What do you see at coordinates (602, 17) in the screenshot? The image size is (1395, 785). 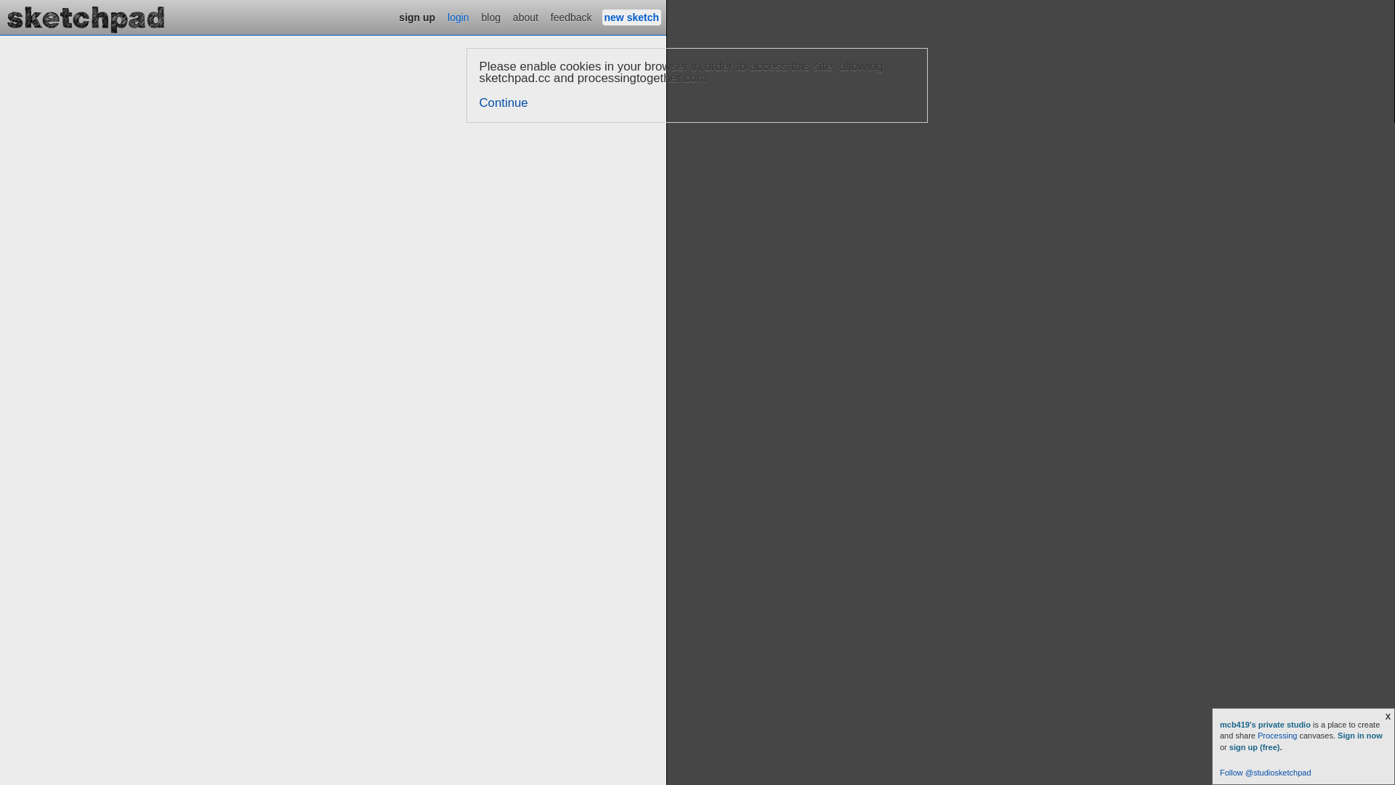 I see `'new sketch'` at bounding box center [602, 17].